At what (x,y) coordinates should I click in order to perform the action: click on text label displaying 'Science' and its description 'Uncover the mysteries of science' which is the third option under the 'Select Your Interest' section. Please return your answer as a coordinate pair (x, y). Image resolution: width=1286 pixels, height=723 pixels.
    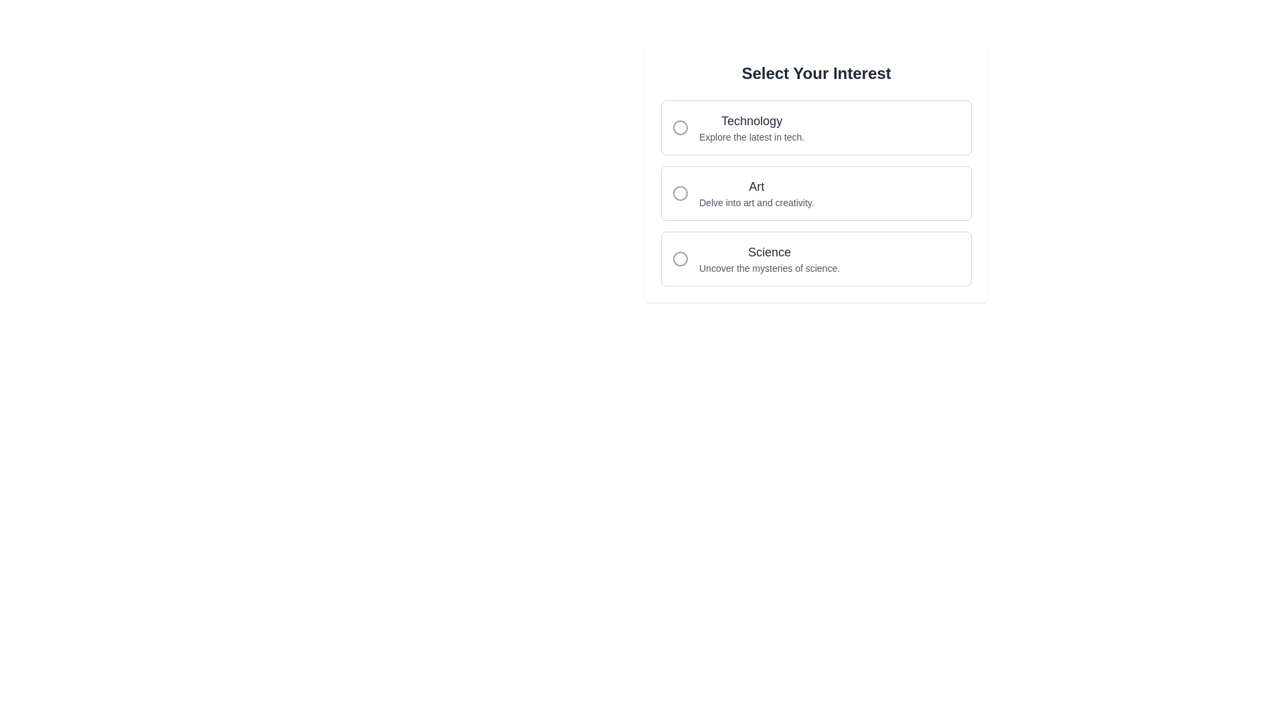
    Looking at the image, I should click on (770, 258).